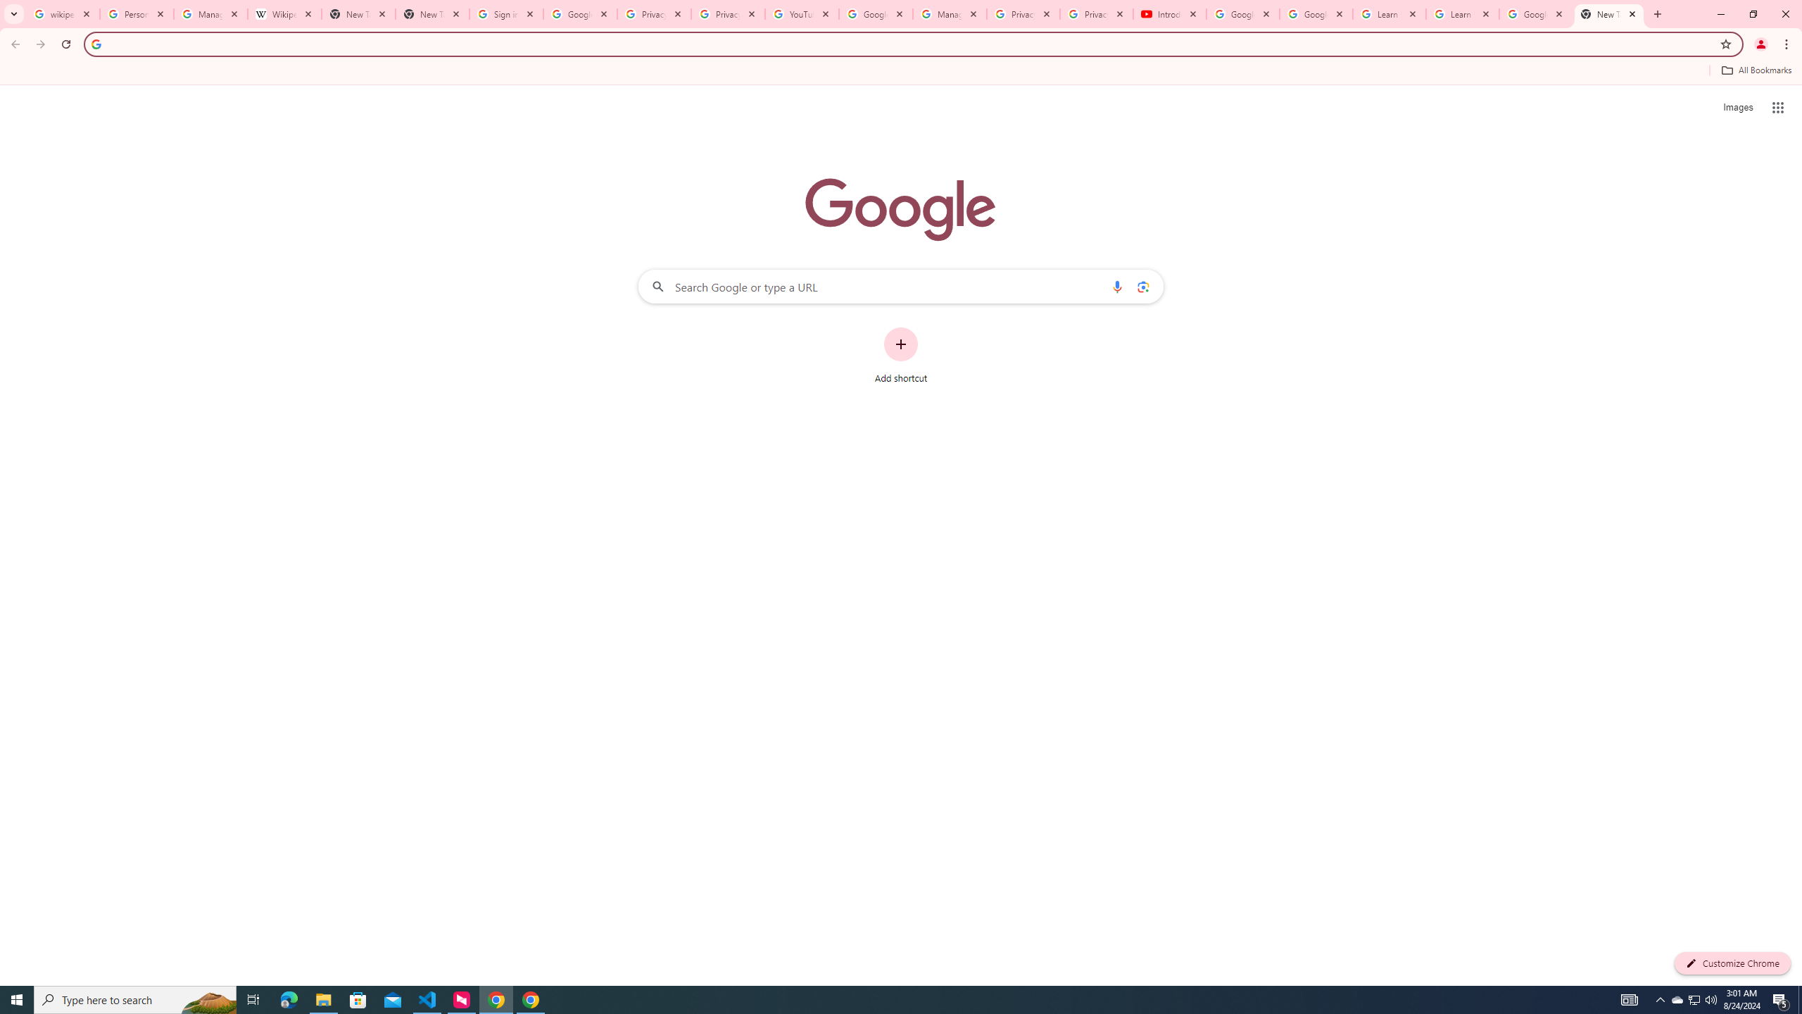 The width and height of the screenshot is (1802, 1014). Describe the element at coordinates (505, 13) in the screenshot. I see `'Sign in - Google Accounts'` at that location.